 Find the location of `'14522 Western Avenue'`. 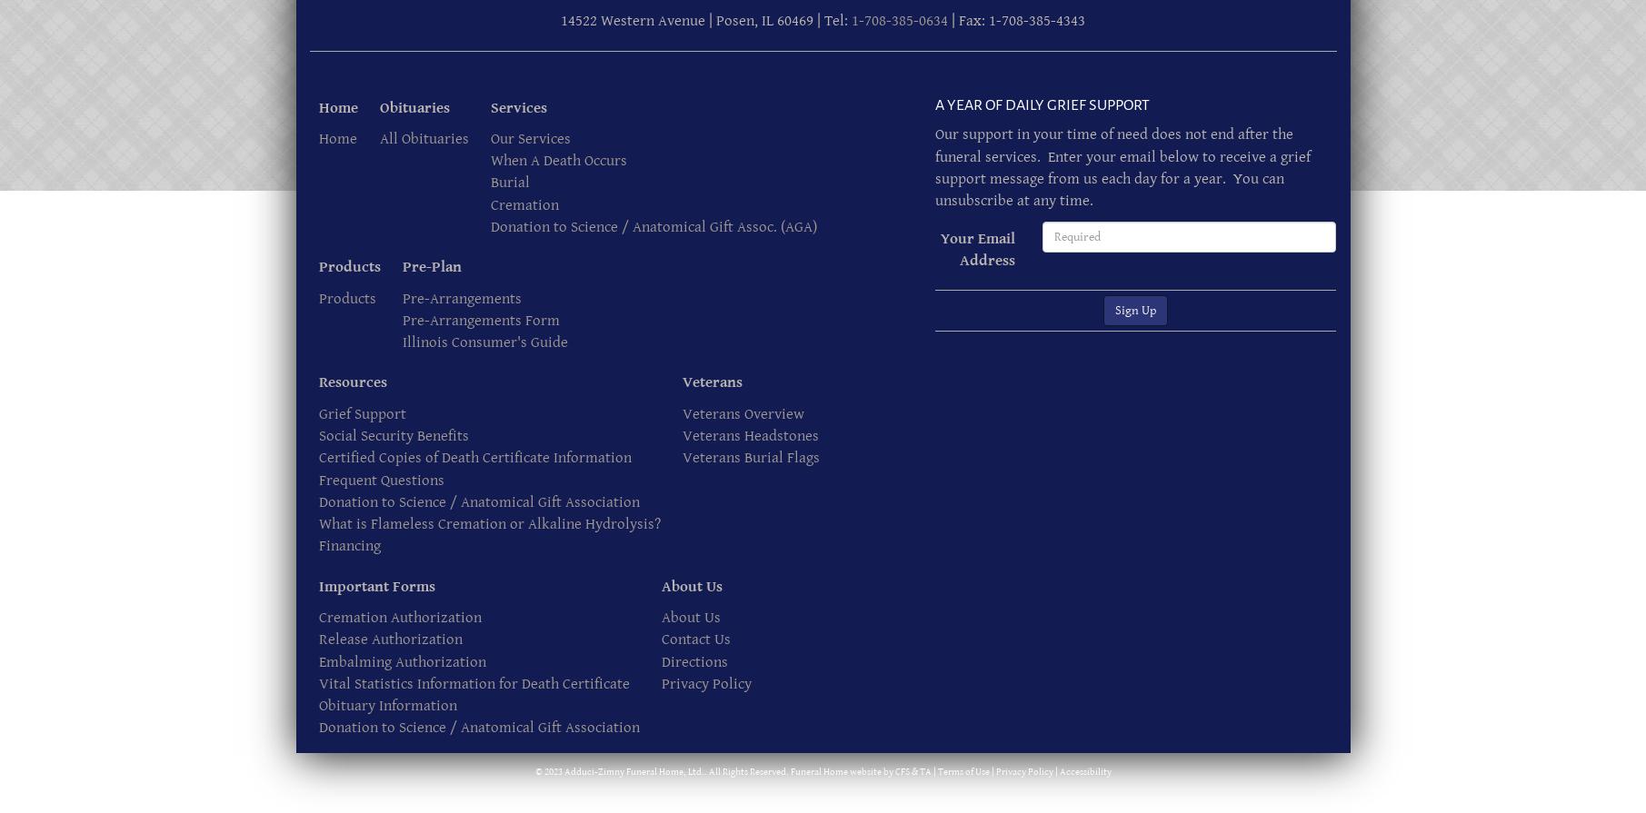

'14522 Western Avenue' is located at coordinates (633, 21).